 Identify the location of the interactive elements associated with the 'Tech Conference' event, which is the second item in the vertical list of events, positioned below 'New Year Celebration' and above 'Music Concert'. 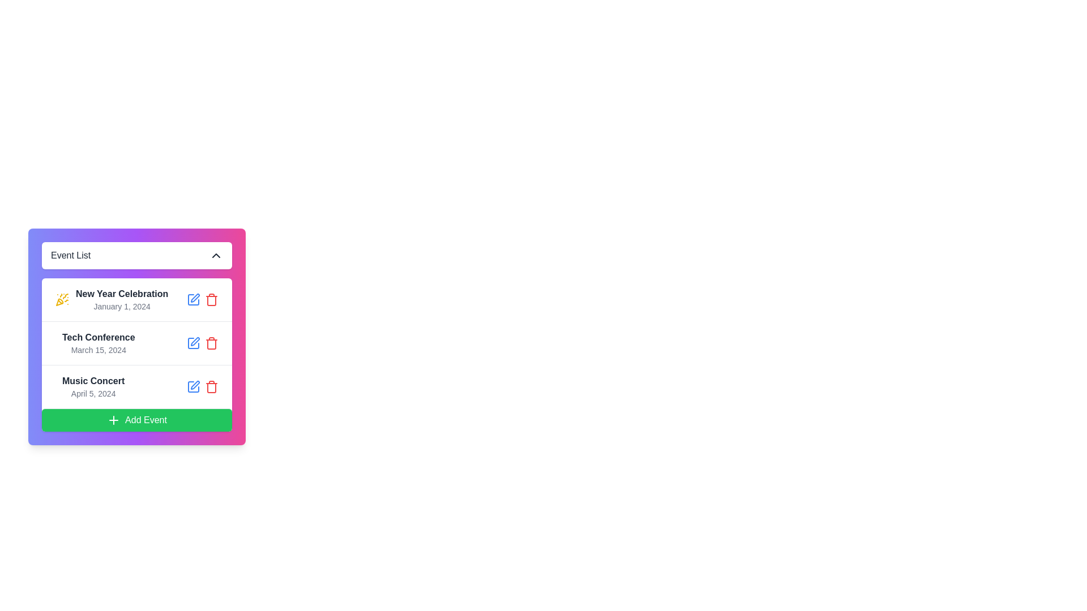
(99, 342).